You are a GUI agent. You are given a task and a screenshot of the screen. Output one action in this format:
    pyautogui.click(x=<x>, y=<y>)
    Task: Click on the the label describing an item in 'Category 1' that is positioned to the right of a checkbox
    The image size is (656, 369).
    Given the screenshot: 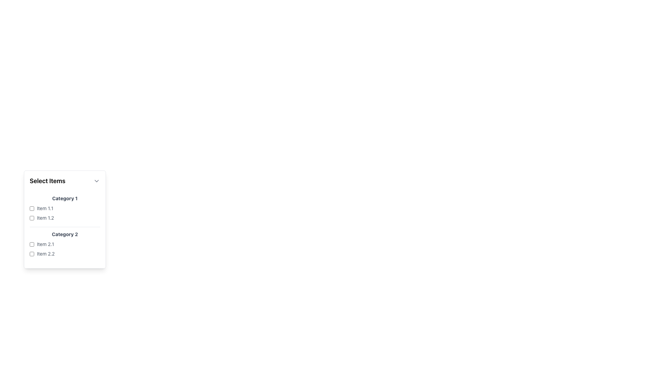 What is the action you would take?
    pyautogui.click(x=45, y=218)
    